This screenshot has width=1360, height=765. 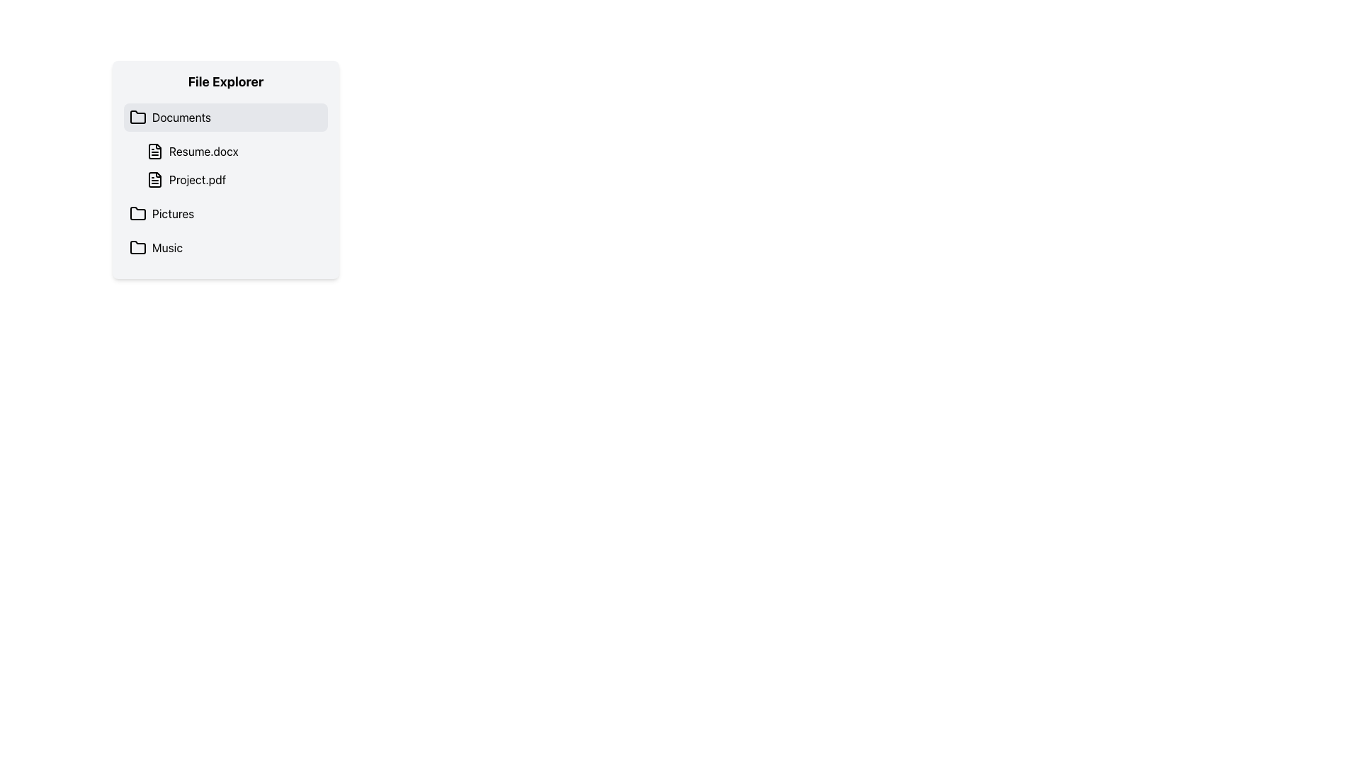 I want to click on the document icon resembling a file, which has a black outline and hollow interior, located next to the text label 'Resume.docx' in the File Explorer interface, to identify the file type, so click(x=155, y=151).